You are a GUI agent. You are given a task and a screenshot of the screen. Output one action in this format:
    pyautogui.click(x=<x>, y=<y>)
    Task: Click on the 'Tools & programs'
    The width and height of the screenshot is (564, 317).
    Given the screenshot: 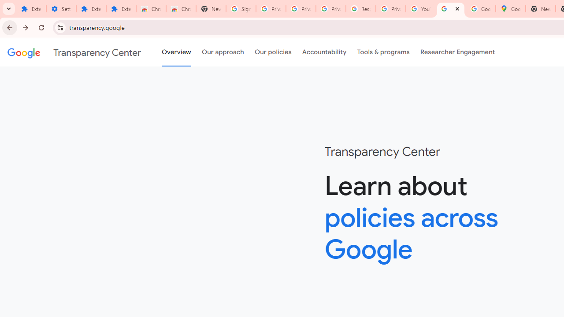 What is the action you would take?
    pyautogui.click(x=383, y=52)
    